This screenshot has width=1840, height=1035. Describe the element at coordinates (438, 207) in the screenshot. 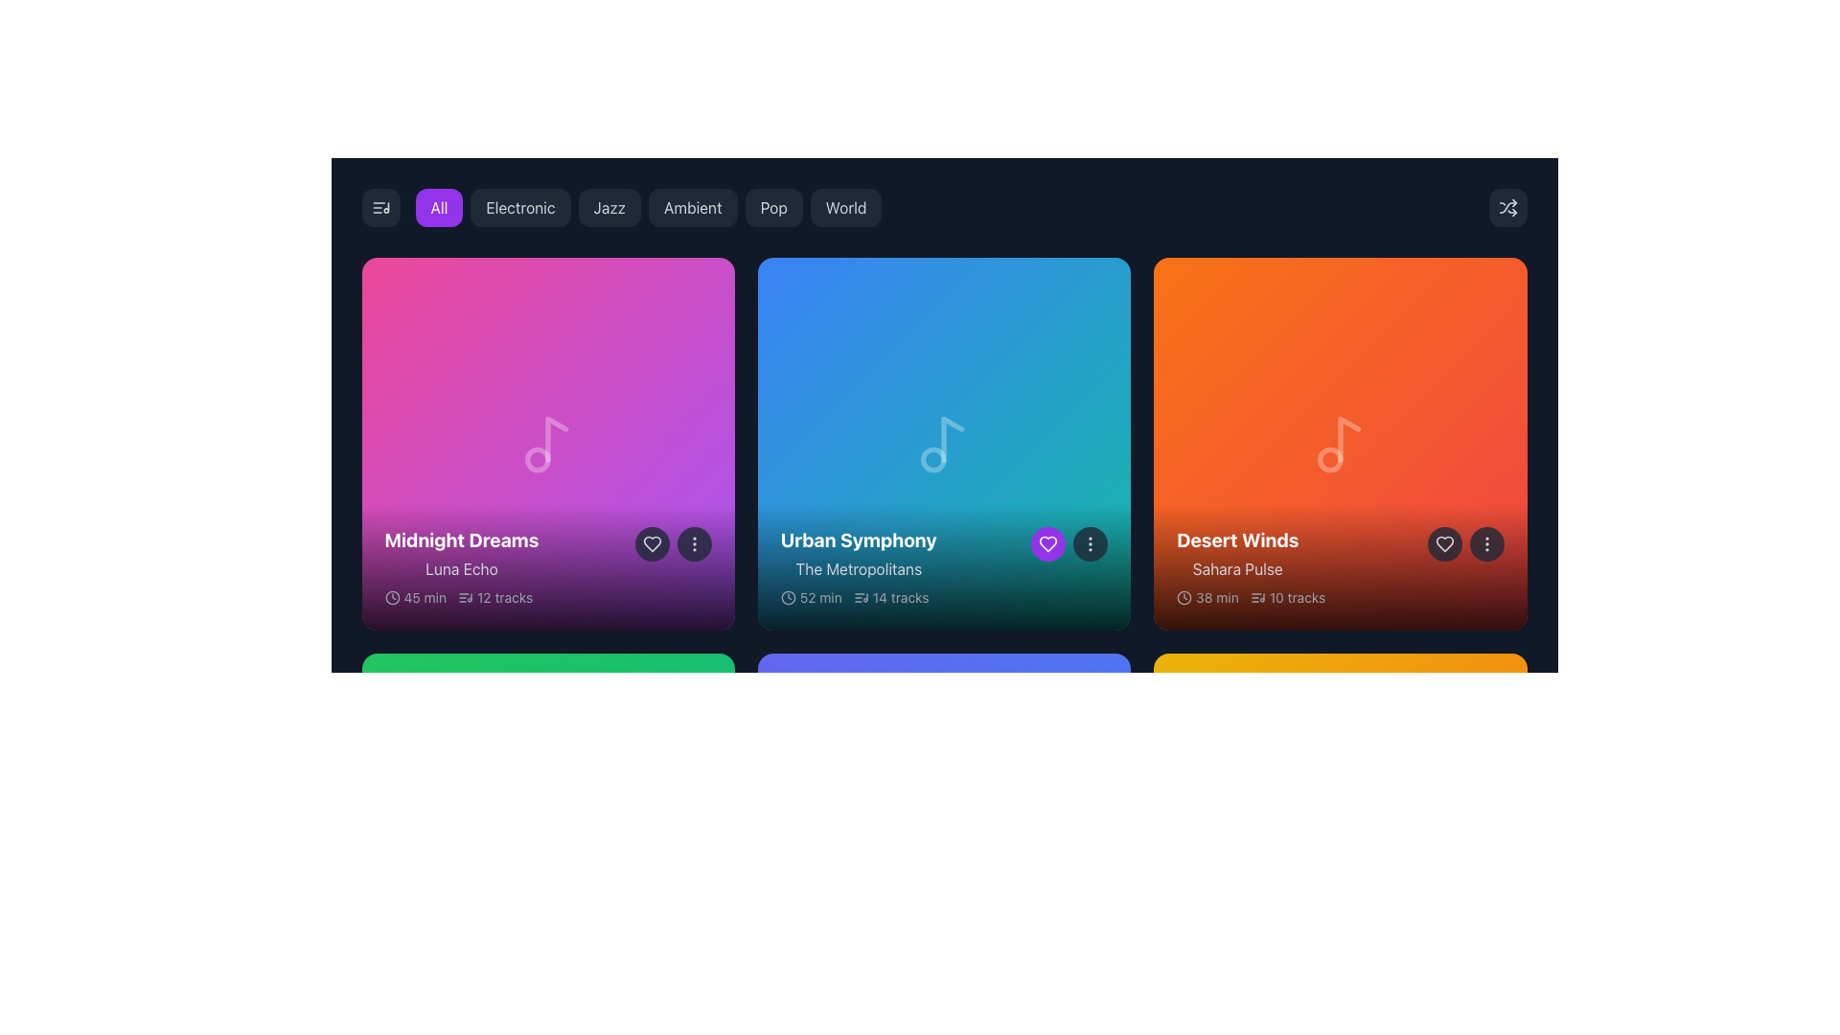

I see `the rectangular button labeled 'All' with a purple background` at that location.